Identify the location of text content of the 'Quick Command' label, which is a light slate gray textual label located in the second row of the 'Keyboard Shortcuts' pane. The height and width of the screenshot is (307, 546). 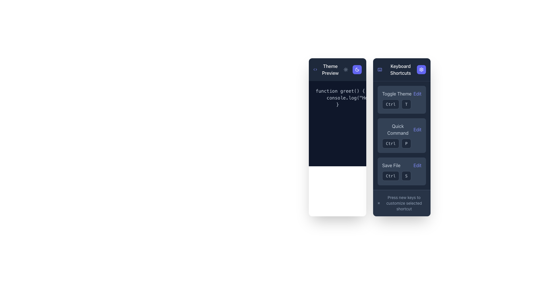
(398, 129).